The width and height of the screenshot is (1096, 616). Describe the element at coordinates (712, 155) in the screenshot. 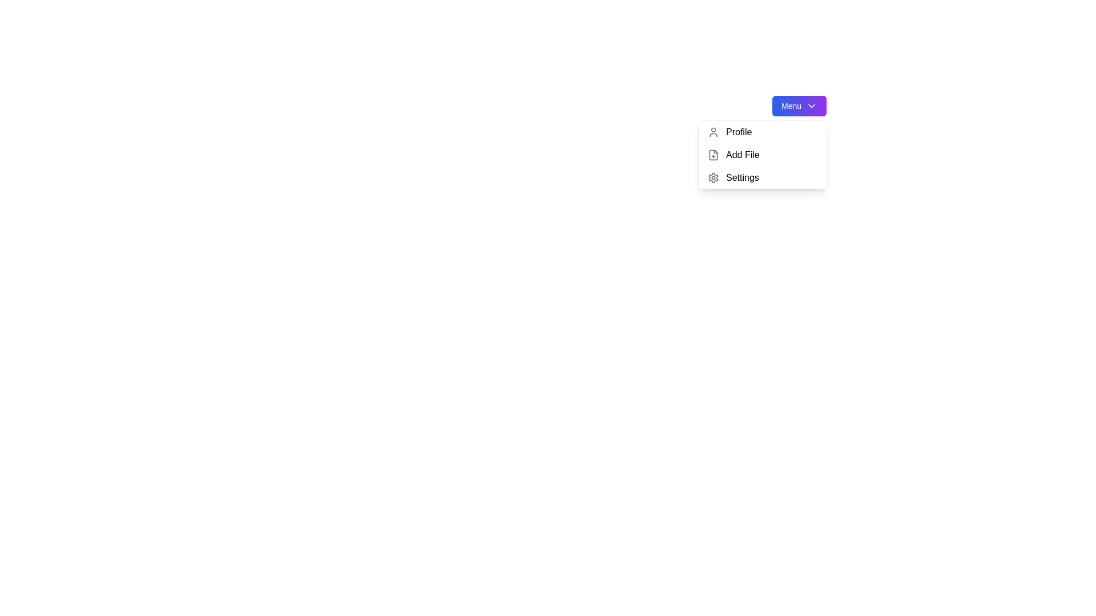

I see `the 'Add File' menu entry, which is represented by an icon of a file with a plus sign, located in the dropdown menu under the 'Menu' button in the top-right corner of the UI` at that location.